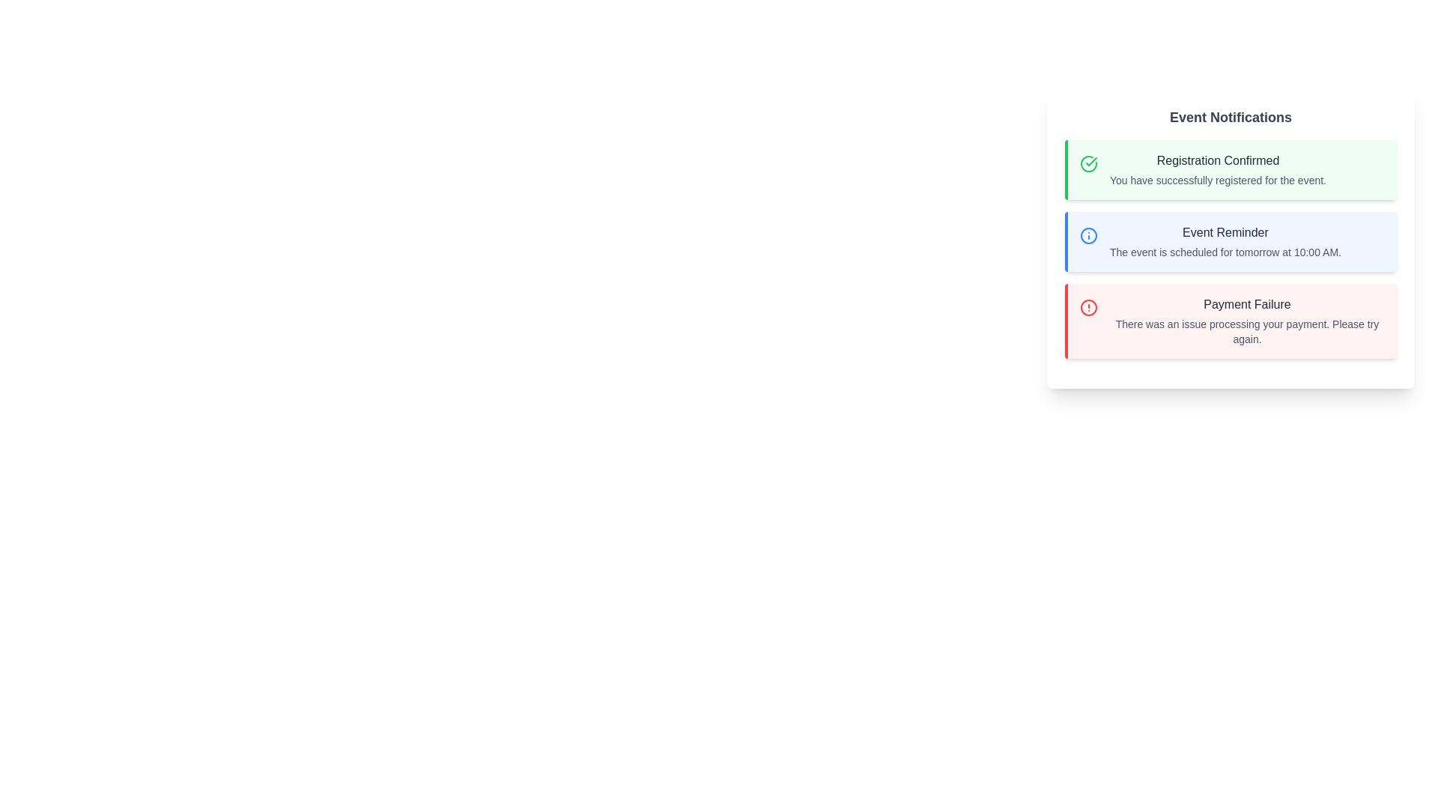 The image size is (1438, 809). What do you see at coordinates (1231, 320) in the screenshot?
I see `the message on the Notification Card that informs users of a payment processing issue, which is the third card in the vertically arranged notifications` at bounding box center [1231, 320].